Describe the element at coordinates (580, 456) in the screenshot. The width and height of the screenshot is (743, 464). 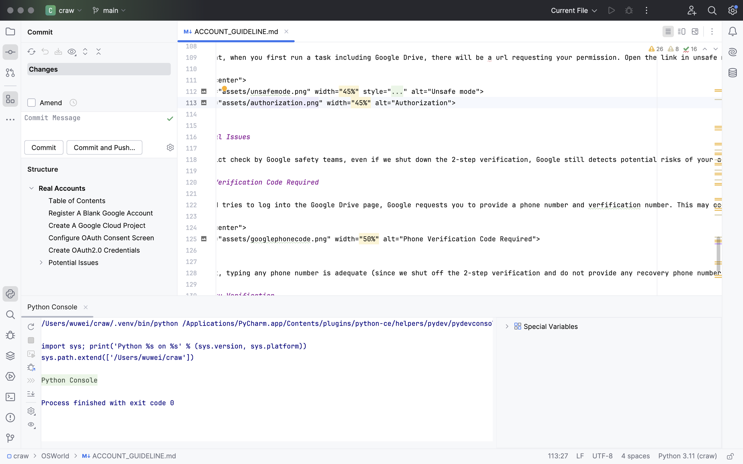
I see `'LF'` at that location.